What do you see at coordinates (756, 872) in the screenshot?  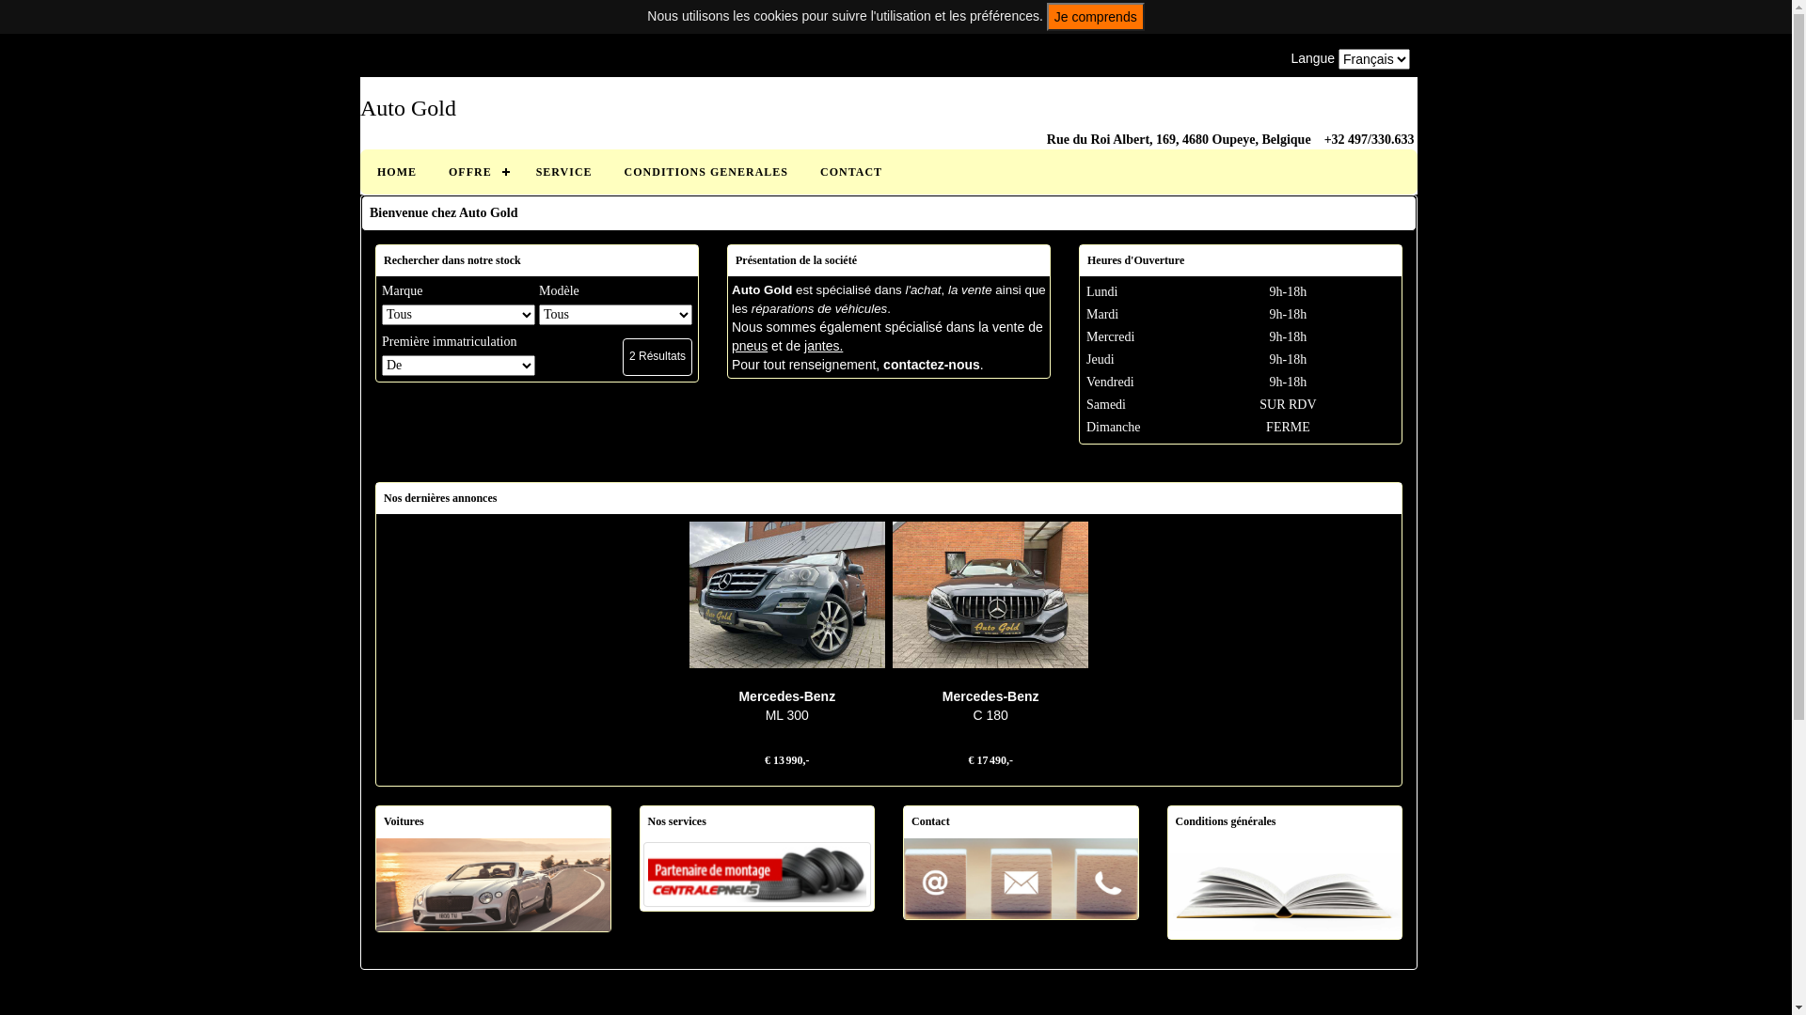 I see `'Nos services` at bounding box center [756, 872].